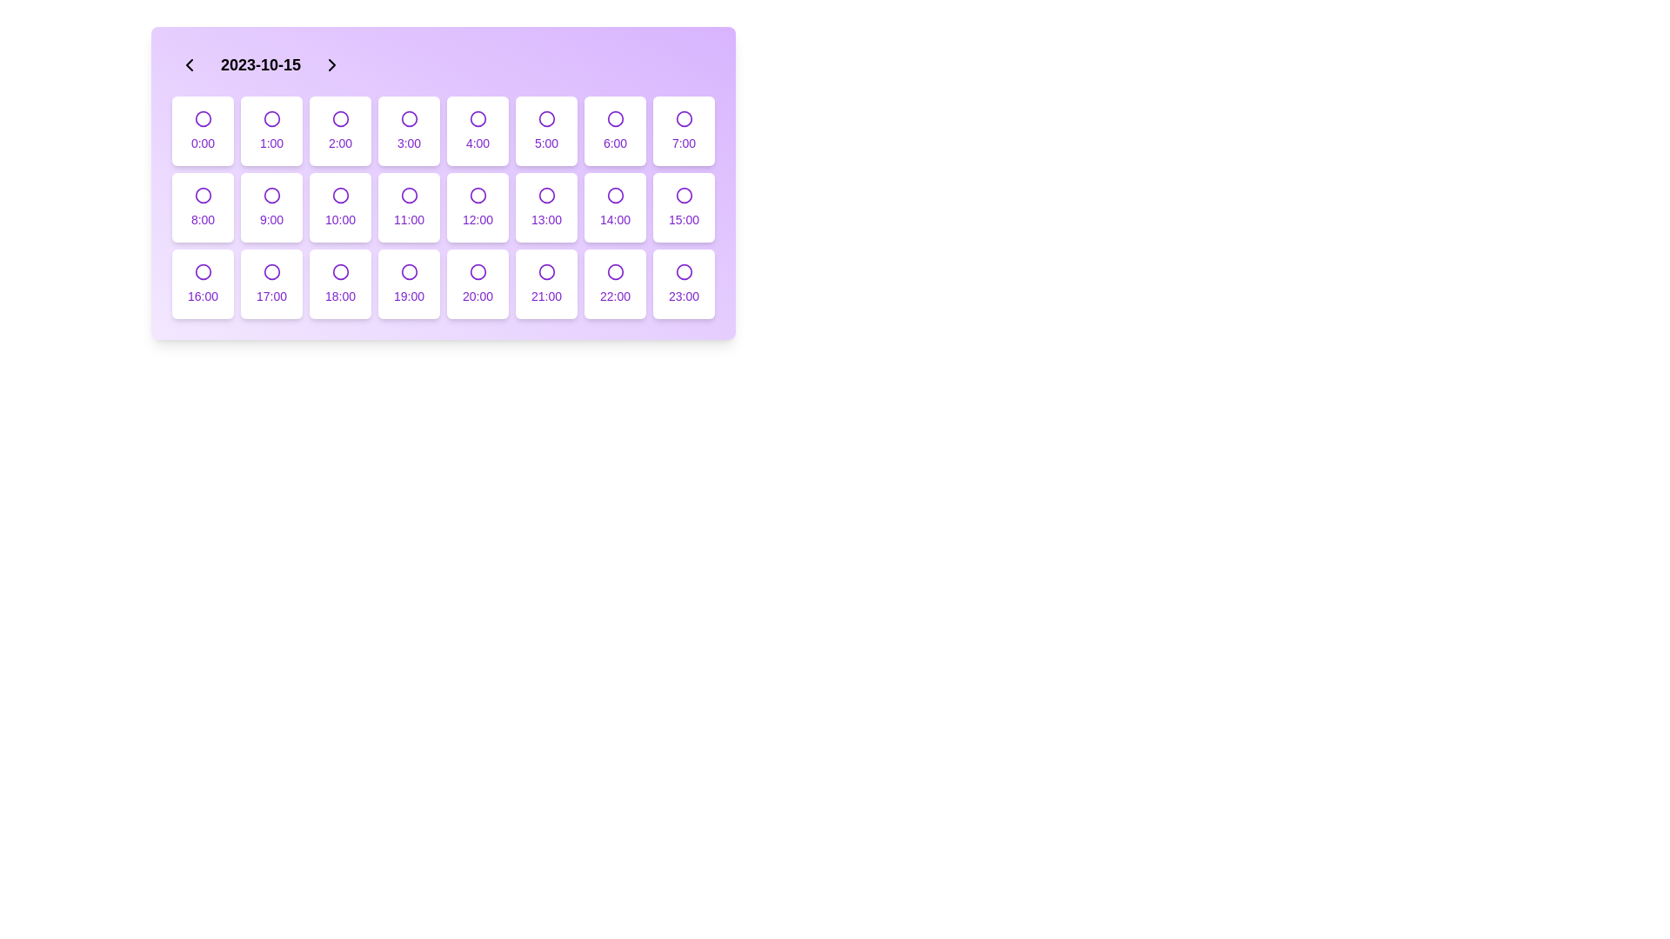  I want to click on the circular indicator with a purple border located in the center of the box labeled '22:00', so click(615, 271).